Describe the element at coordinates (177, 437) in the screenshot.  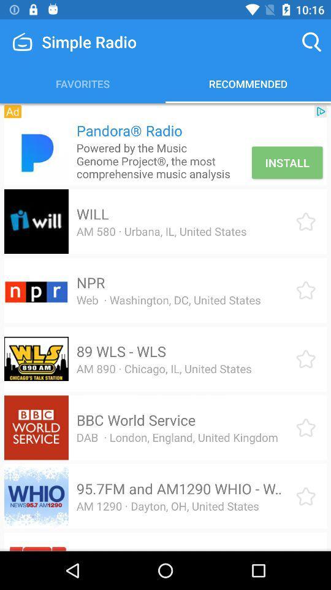
I see `item above the 95 7fm and icon` at that location.